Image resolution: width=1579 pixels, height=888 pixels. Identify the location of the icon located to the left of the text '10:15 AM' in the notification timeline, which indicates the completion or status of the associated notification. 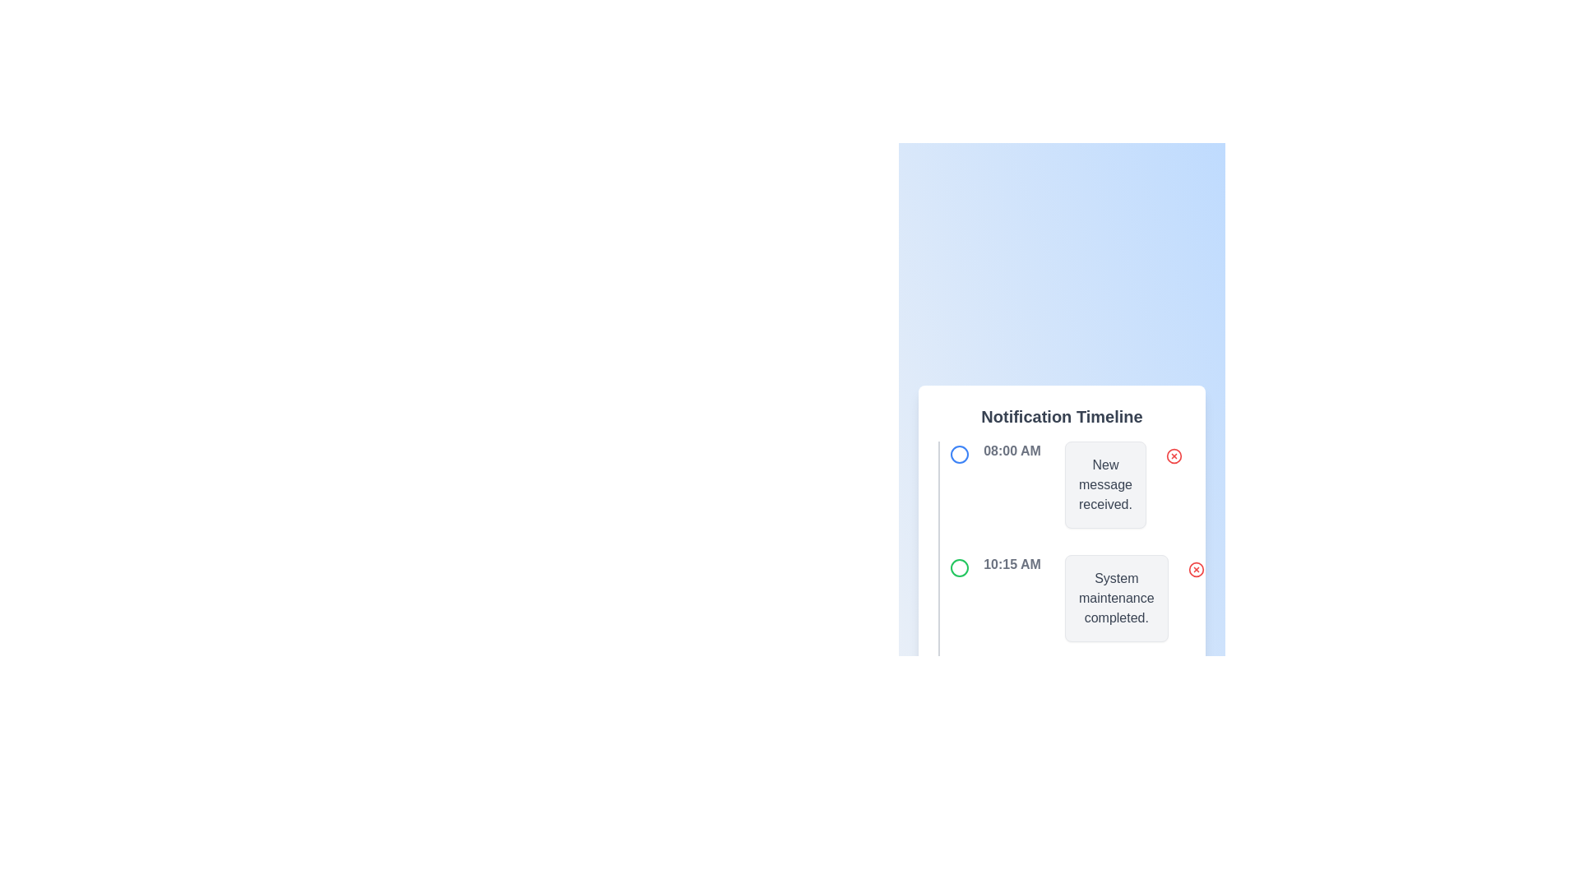
(959, 567).